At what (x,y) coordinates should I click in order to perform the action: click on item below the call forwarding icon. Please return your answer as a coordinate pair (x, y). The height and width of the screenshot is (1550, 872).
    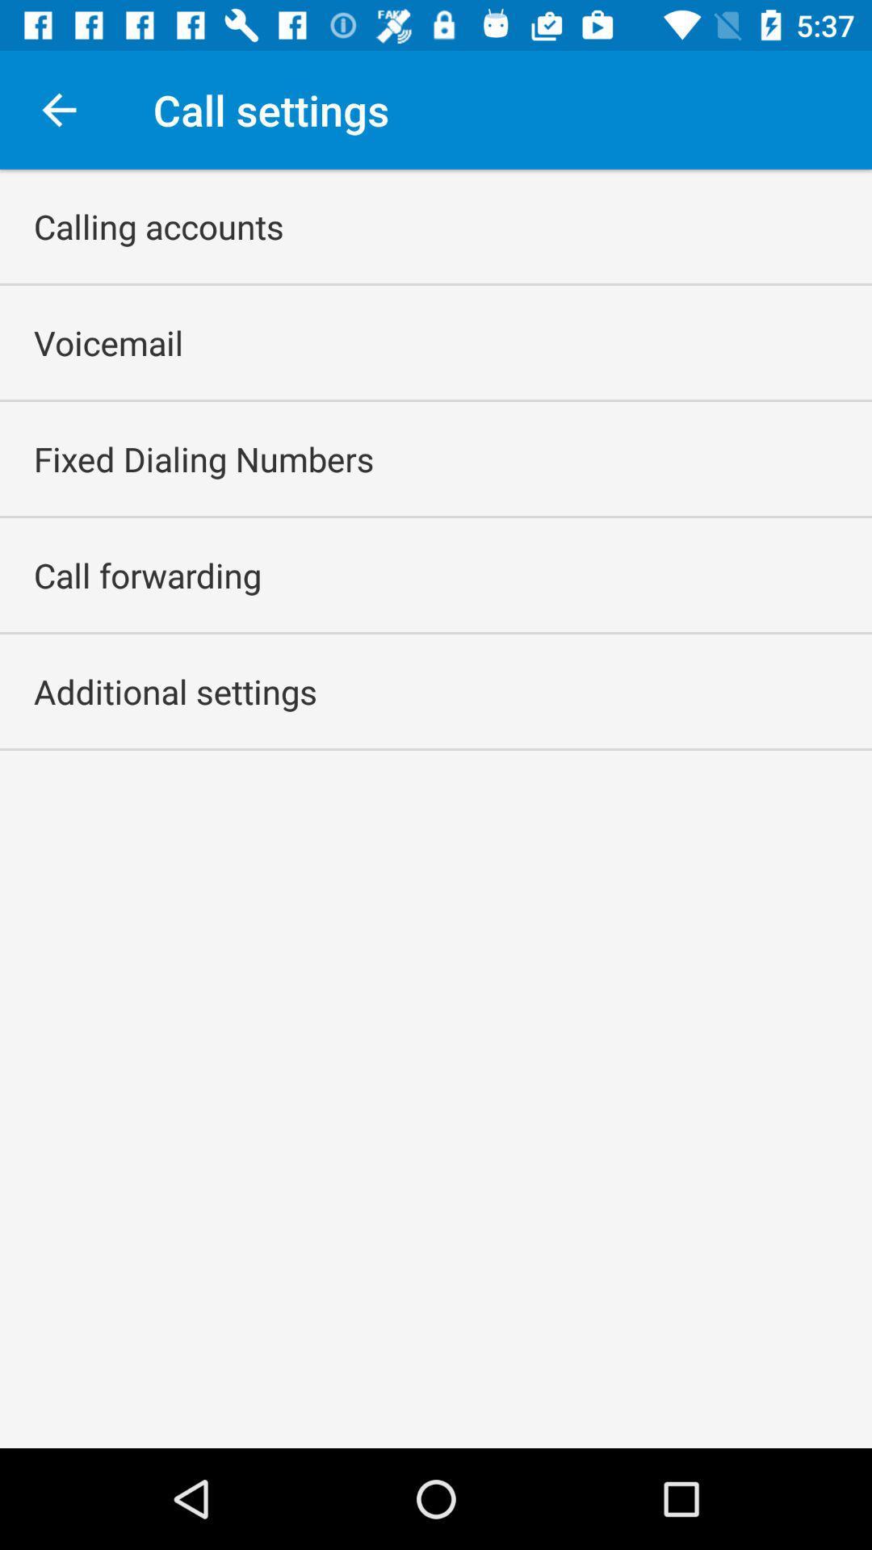
    Looking at the image, I should click on (175, 691).